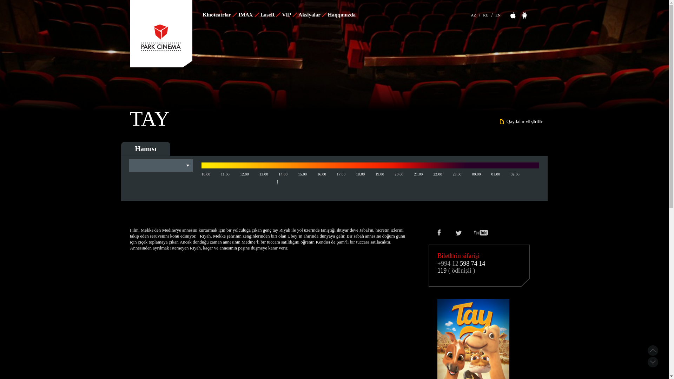 The image size is (674, 379). I want to click on 'Kinoteatrlar', so click(219, 15).